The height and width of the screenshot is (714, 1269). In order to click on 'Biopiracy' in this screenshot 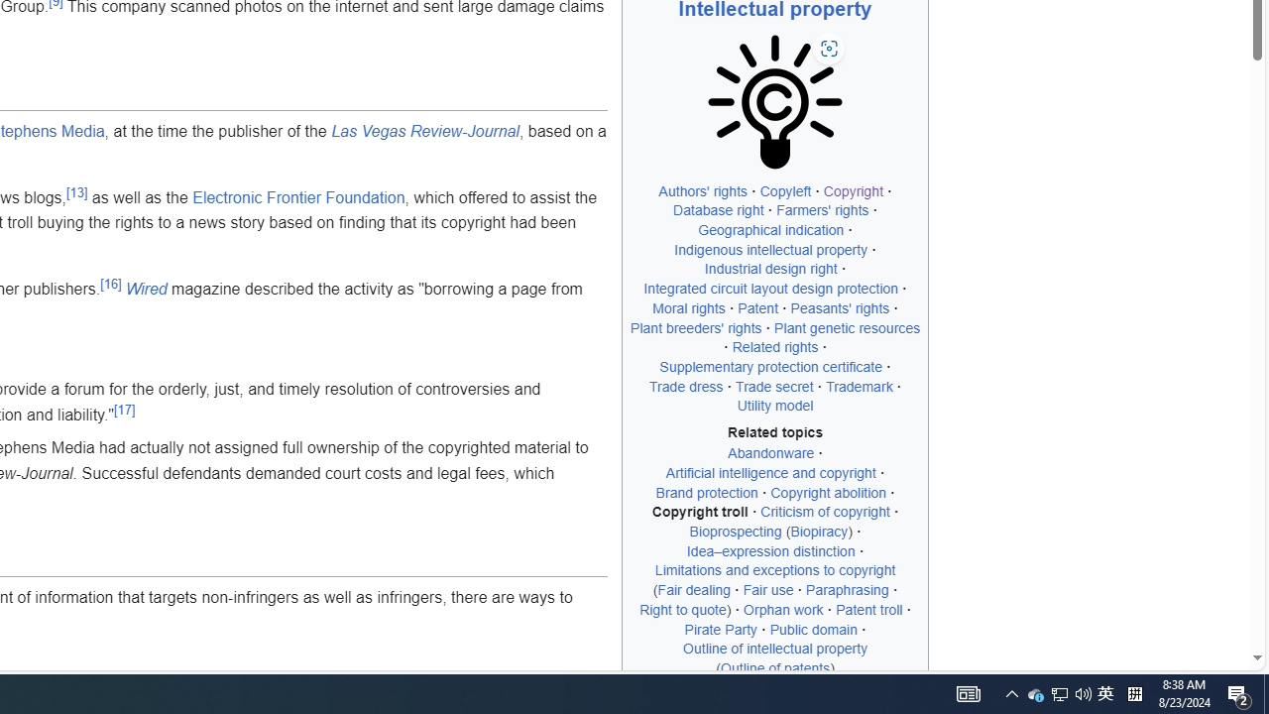, I will do `click(819, 531)`.